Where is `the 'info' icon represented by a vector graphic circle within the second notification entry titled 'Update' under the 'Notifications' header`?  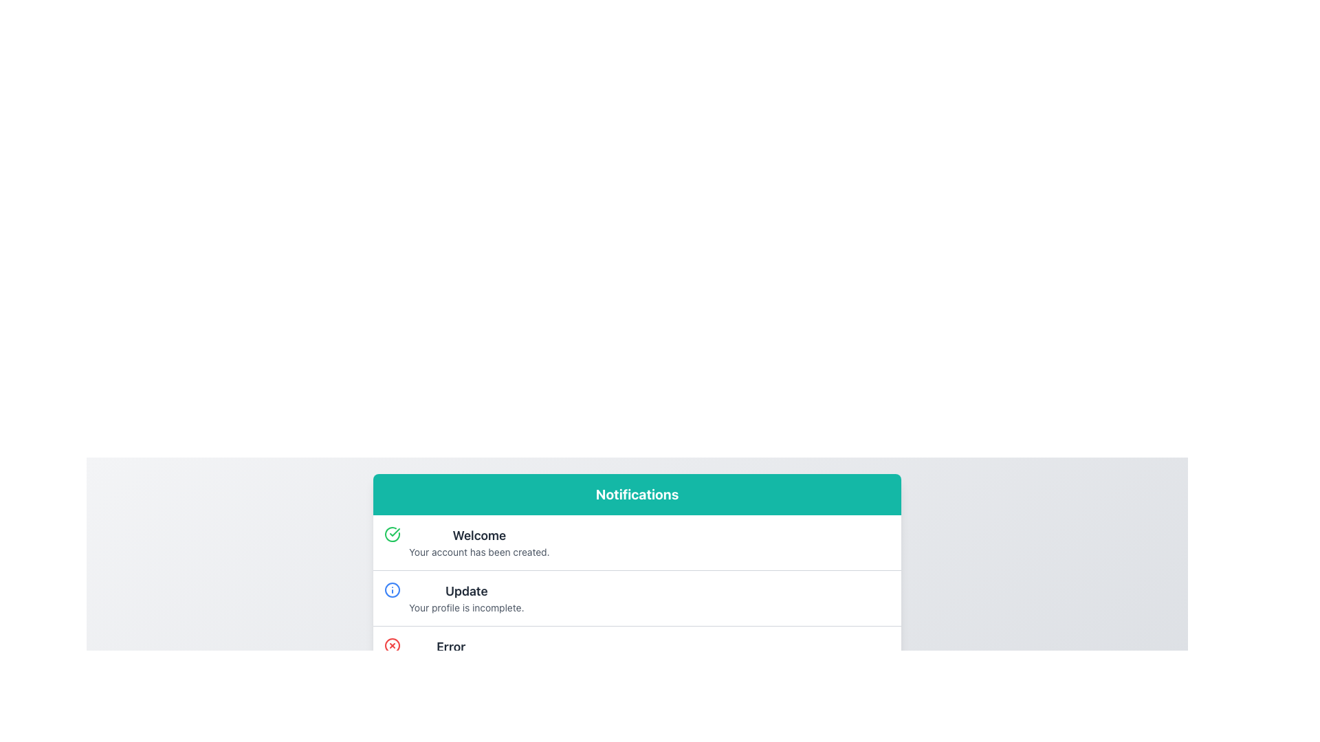
the 'info' icon represented by a vector graphic circle within the second notification entry titled 'Update' under the 'Notifications' header is located at coordinates (392, 589).